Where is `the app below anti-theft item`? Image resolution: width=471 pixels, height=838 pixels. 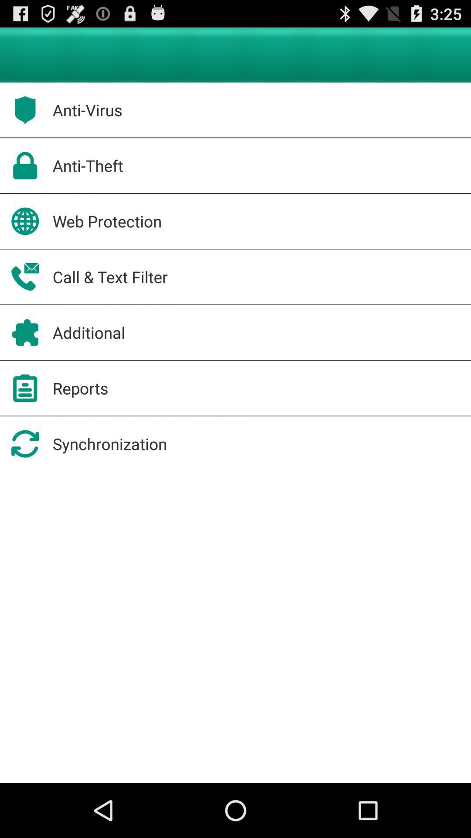 the app below anti-theft item is located at coordinates (107, 221).